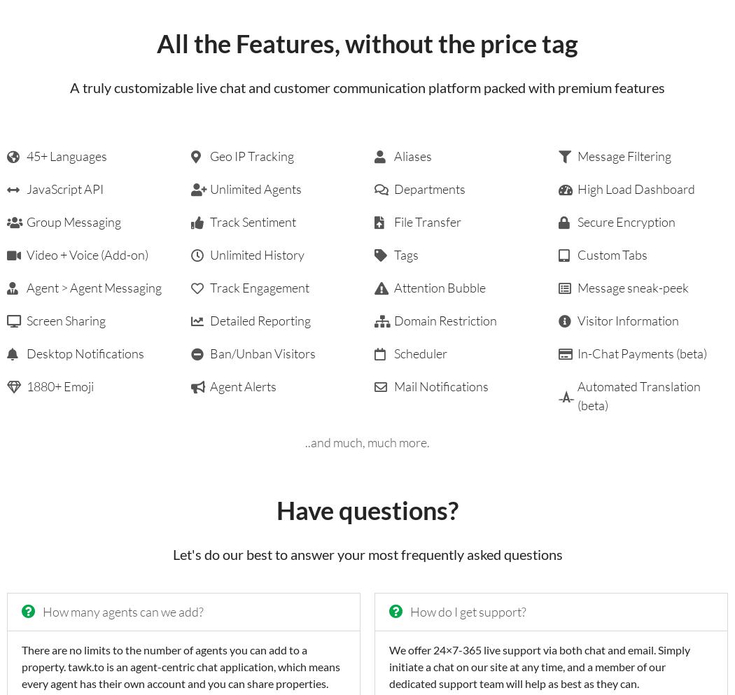  Describe the element at coordinates (256, 255) in the screenshot. I see `'Unlimited History'` at that location.